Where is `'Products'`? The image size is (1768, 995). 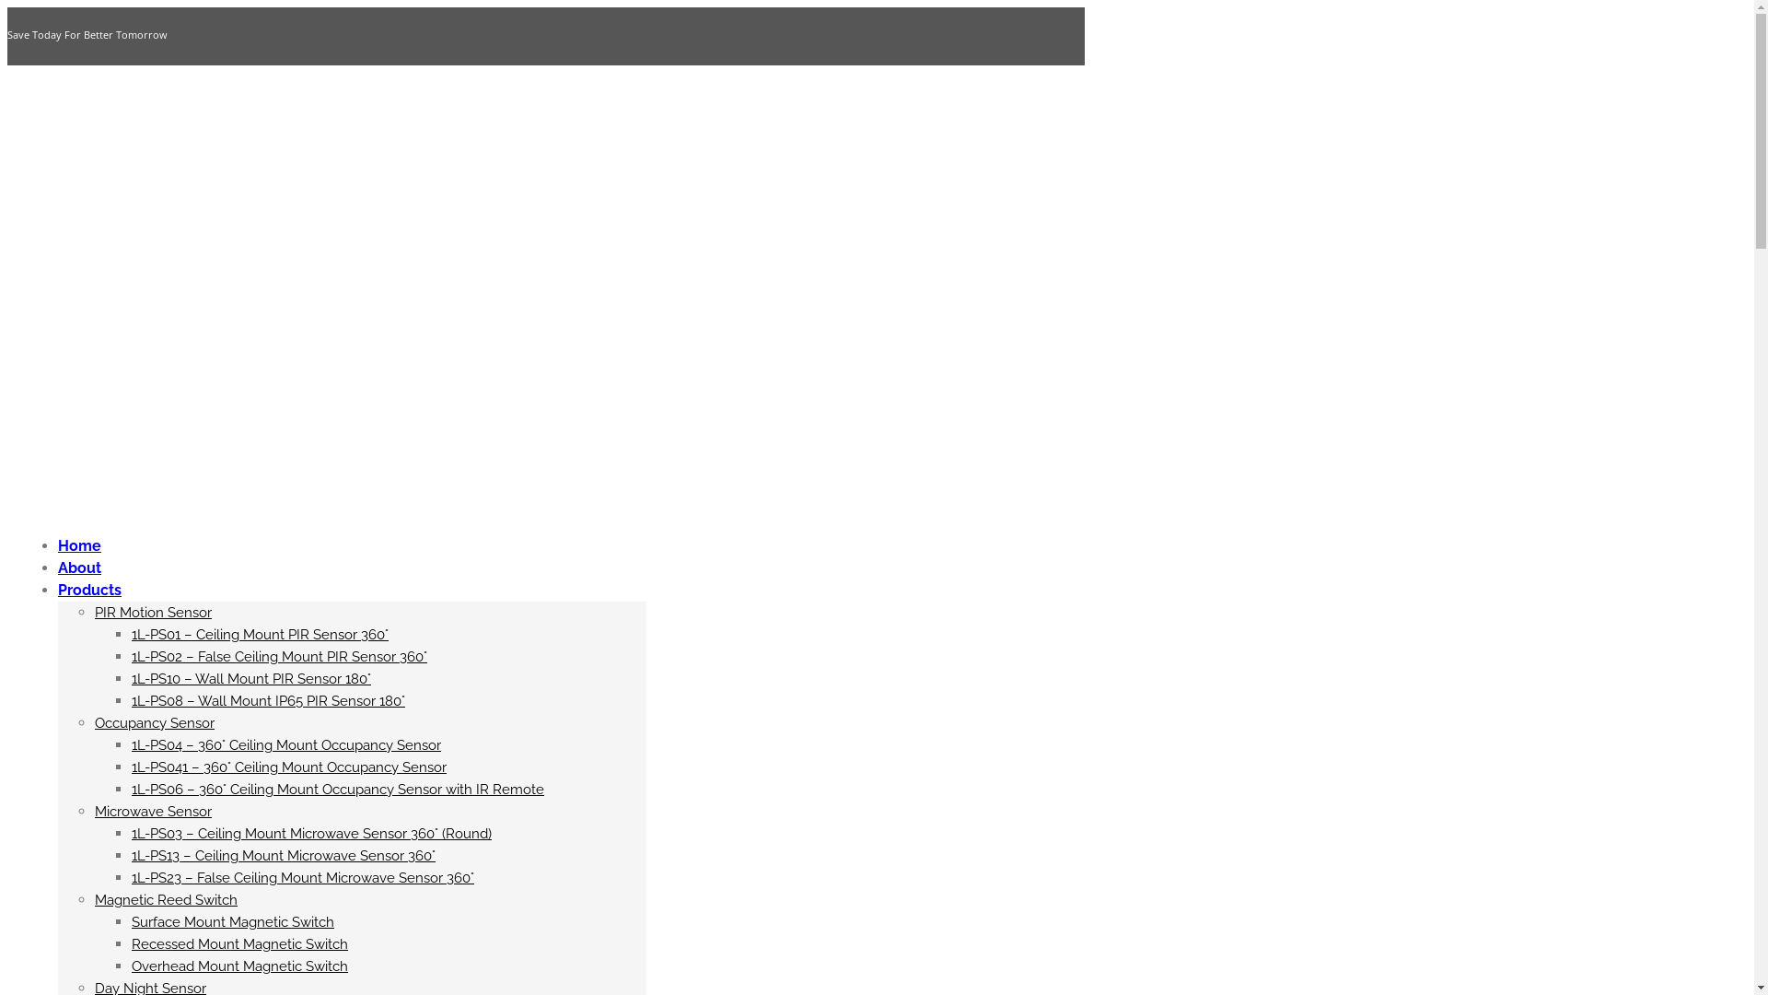 'Products' is located at coordinates (88, 590).